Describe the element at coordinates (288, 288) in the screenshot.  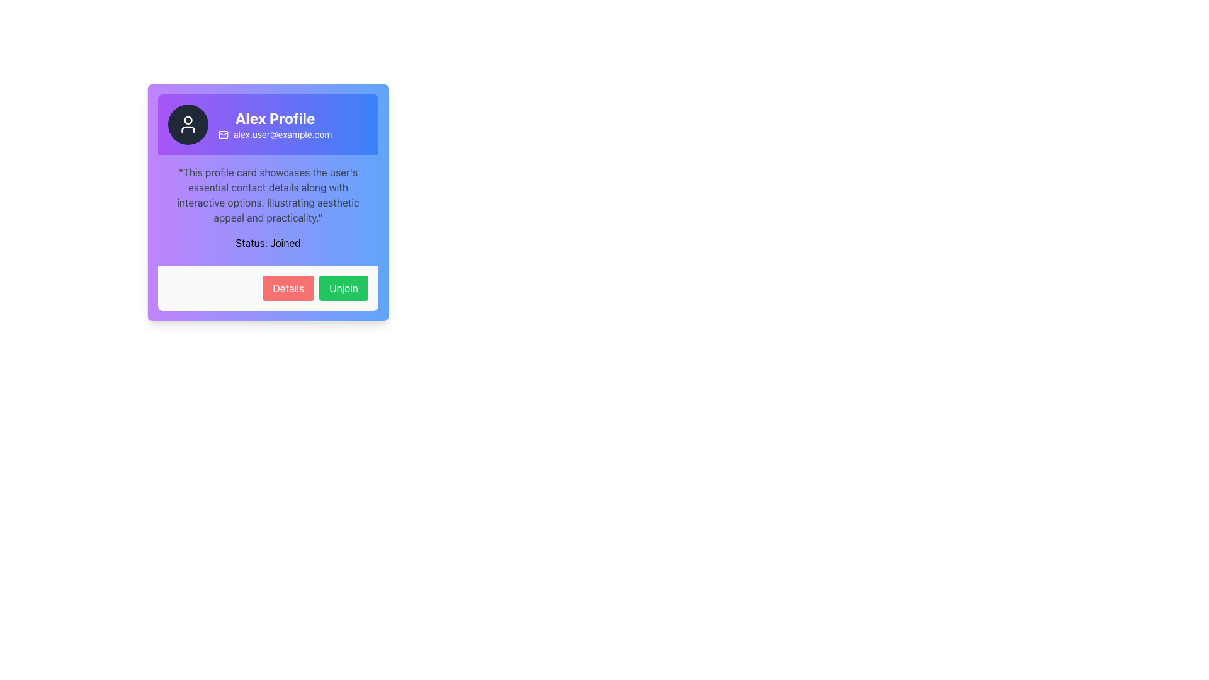
I see `the first button from the left located at the bottom of a panel with a gradient background, next to the green 'Unjoin' button` at that location.